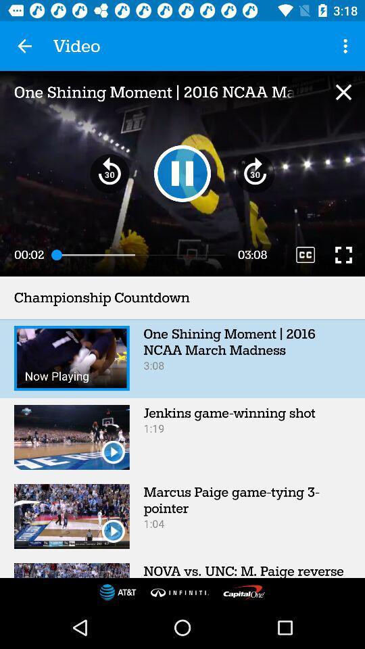 The height and width of the screenshot is (649, 365). I want to click on video, so click(343, 91).